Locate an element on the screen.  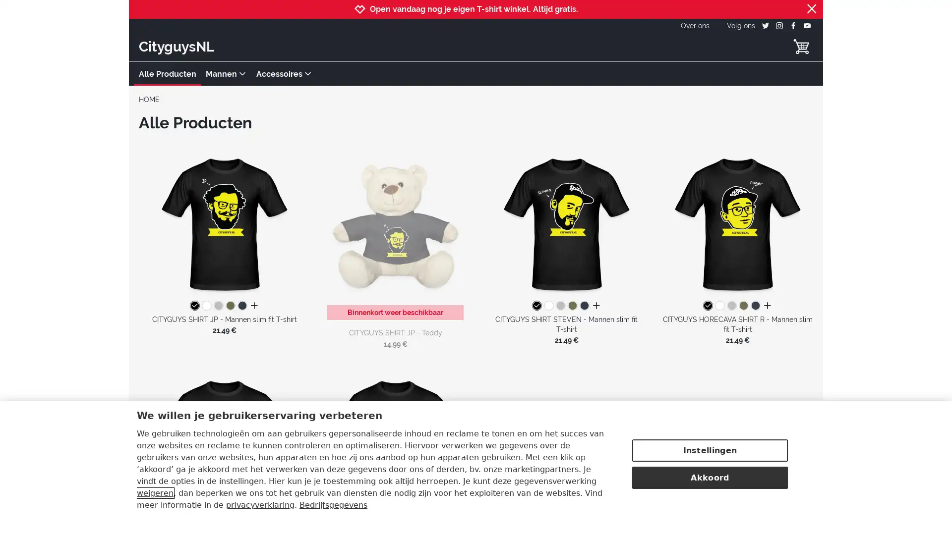
kakigroen is located at coordinates (743, 306).